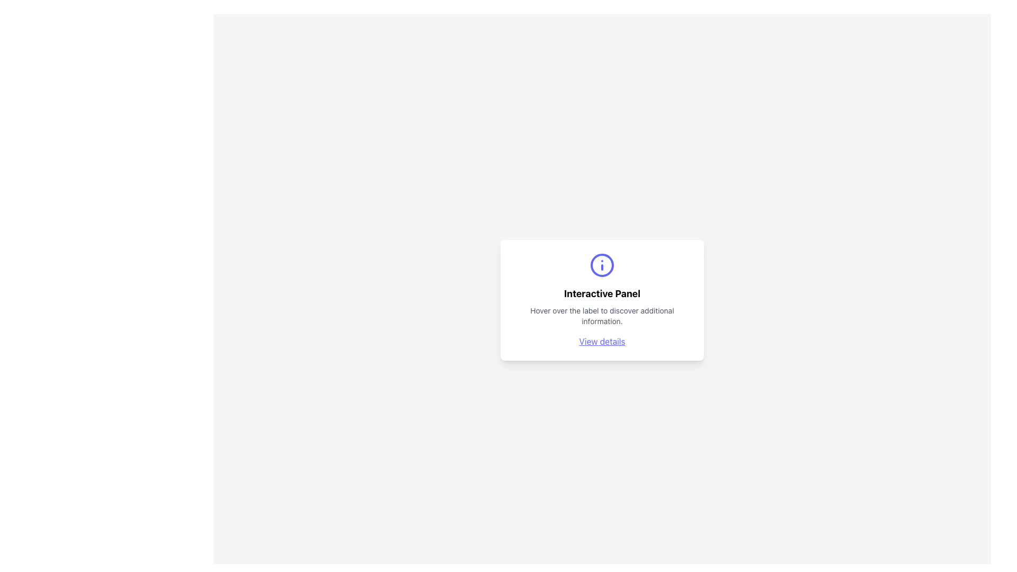 The image size is (1017, 572). I want to click on the 'View details' hyperlink, which is styled with indigo text and underlined format, located in the interactive panel under the heading 'Interactive Panel', so click(602, 341).